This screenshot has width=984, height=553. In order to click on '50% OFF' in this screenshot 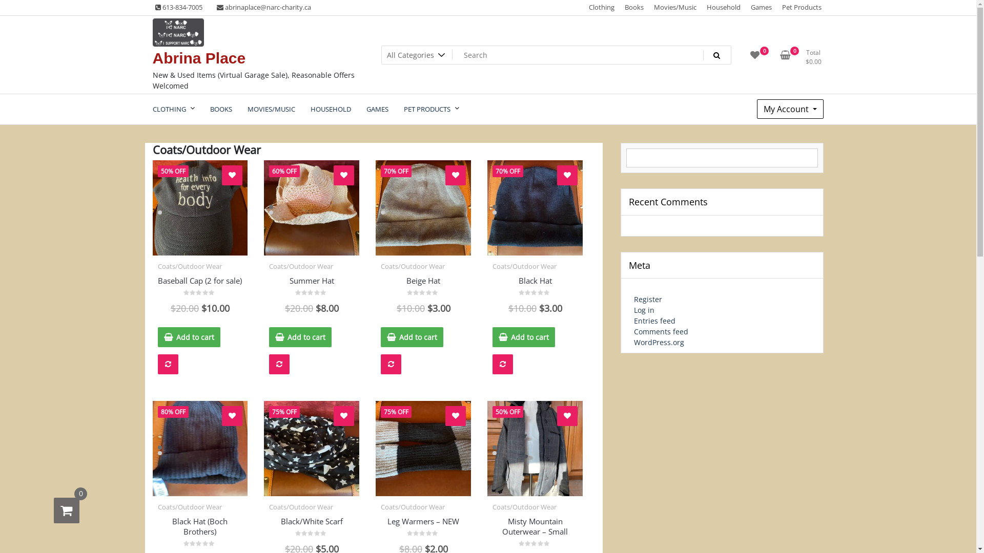, I will do `click(200, 207)`.